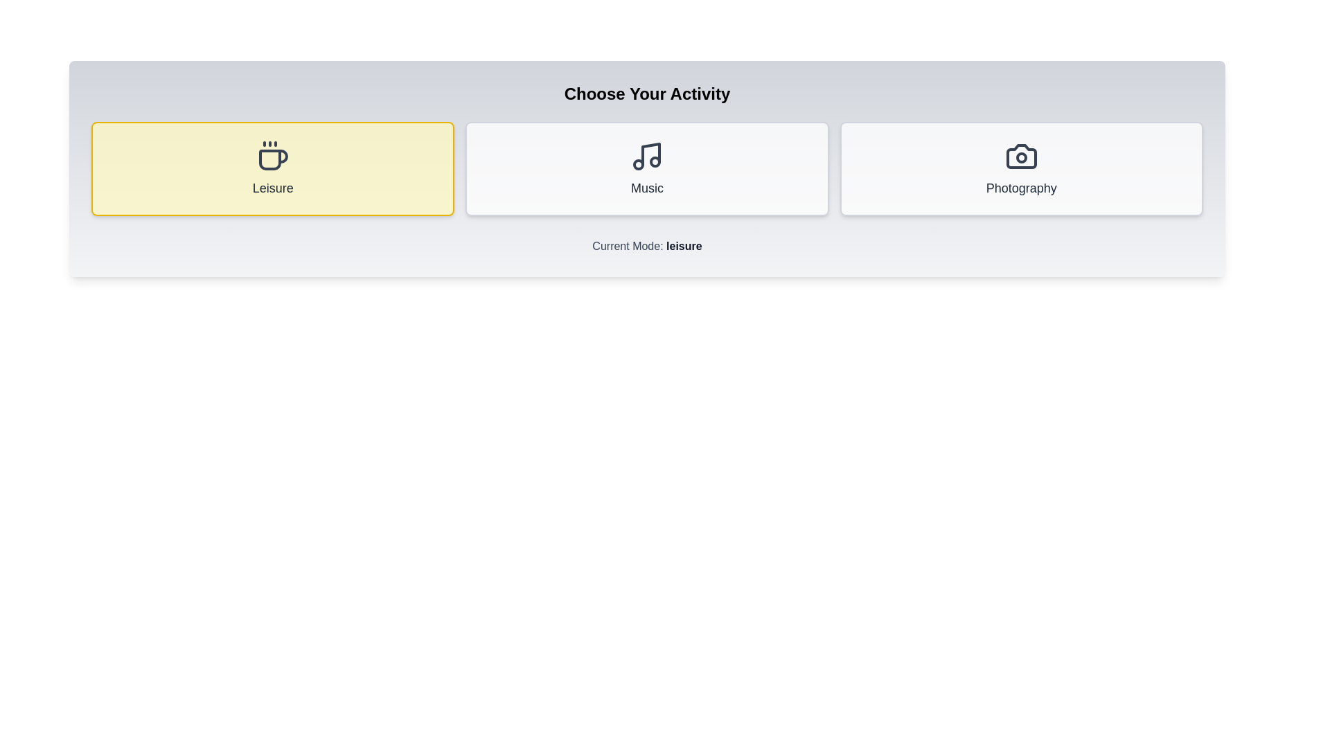 The height and width of the screenshot is (748, 1330). Describe the element at coordinates (646, 168) in the screenshot. I see `the 'Music' button to select the music mode` at that location.